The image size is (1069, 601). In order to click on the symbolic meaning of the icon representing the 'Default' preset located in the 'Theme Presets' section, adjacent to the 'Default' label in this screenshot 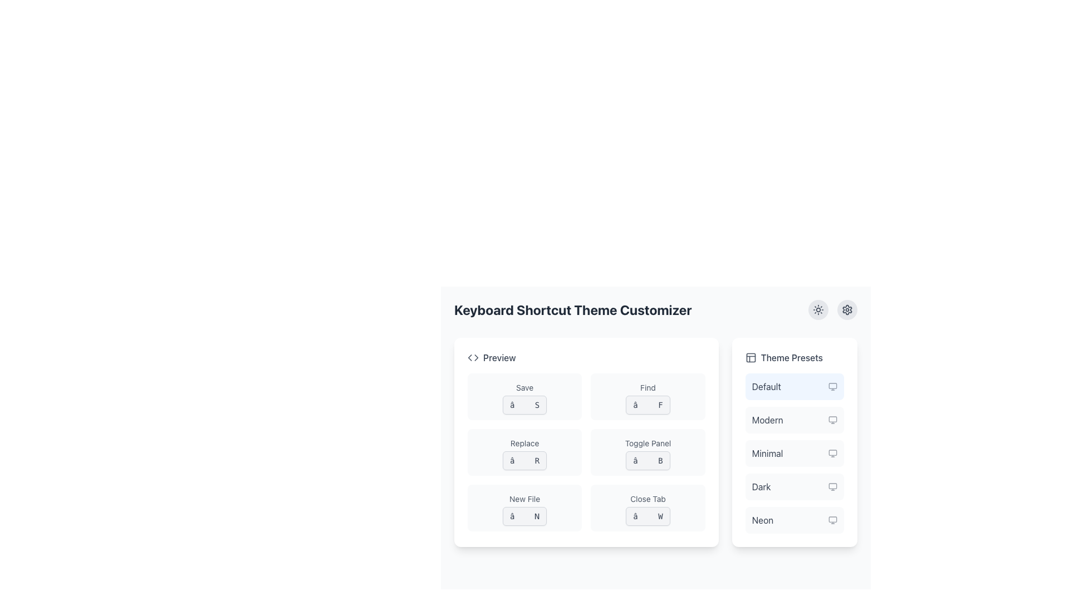, I will do `click(833, 386)`.